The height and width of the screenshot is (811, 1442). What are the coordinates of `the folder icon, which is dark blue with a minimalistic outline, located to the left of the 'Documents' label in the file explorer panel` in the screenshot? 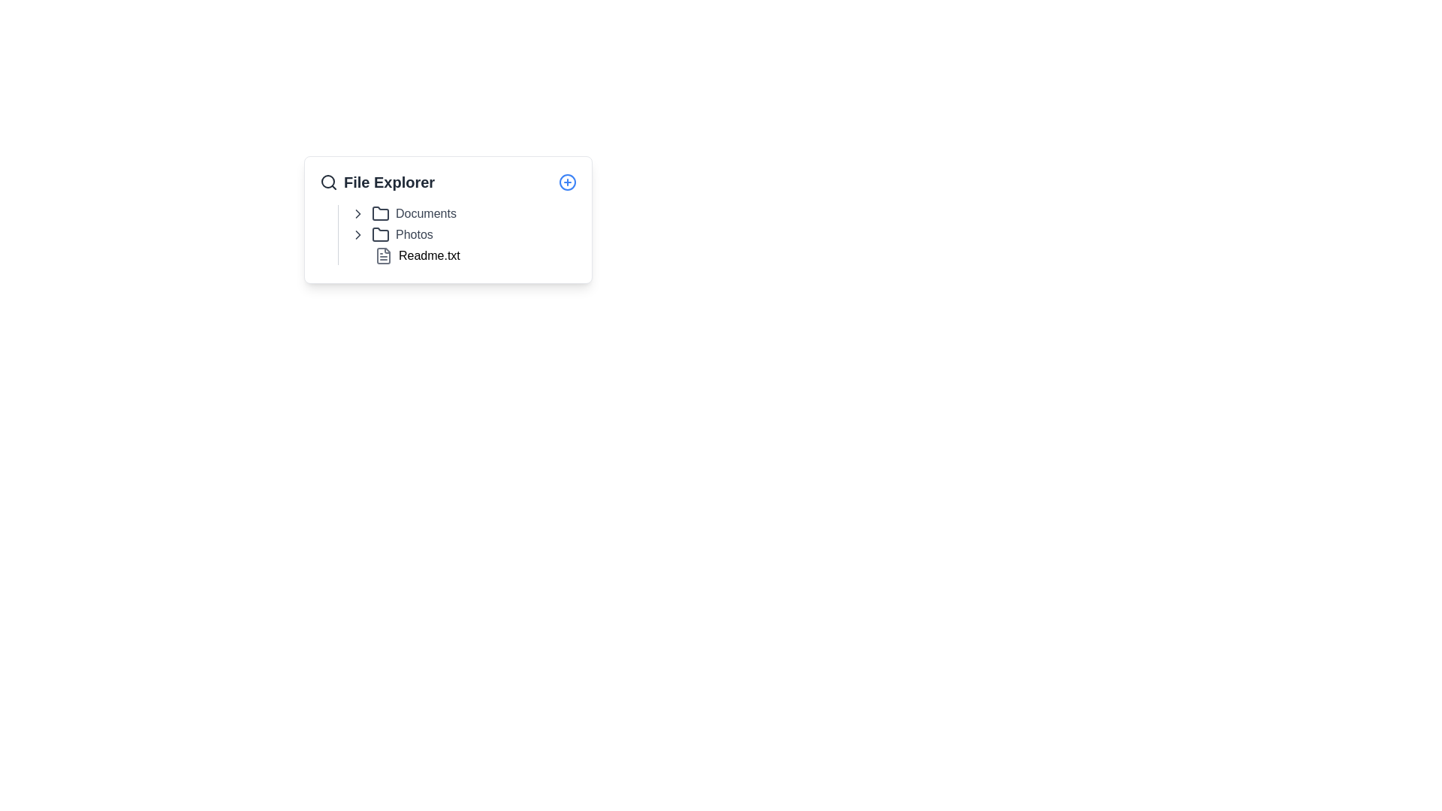 It's located at (381, 214).